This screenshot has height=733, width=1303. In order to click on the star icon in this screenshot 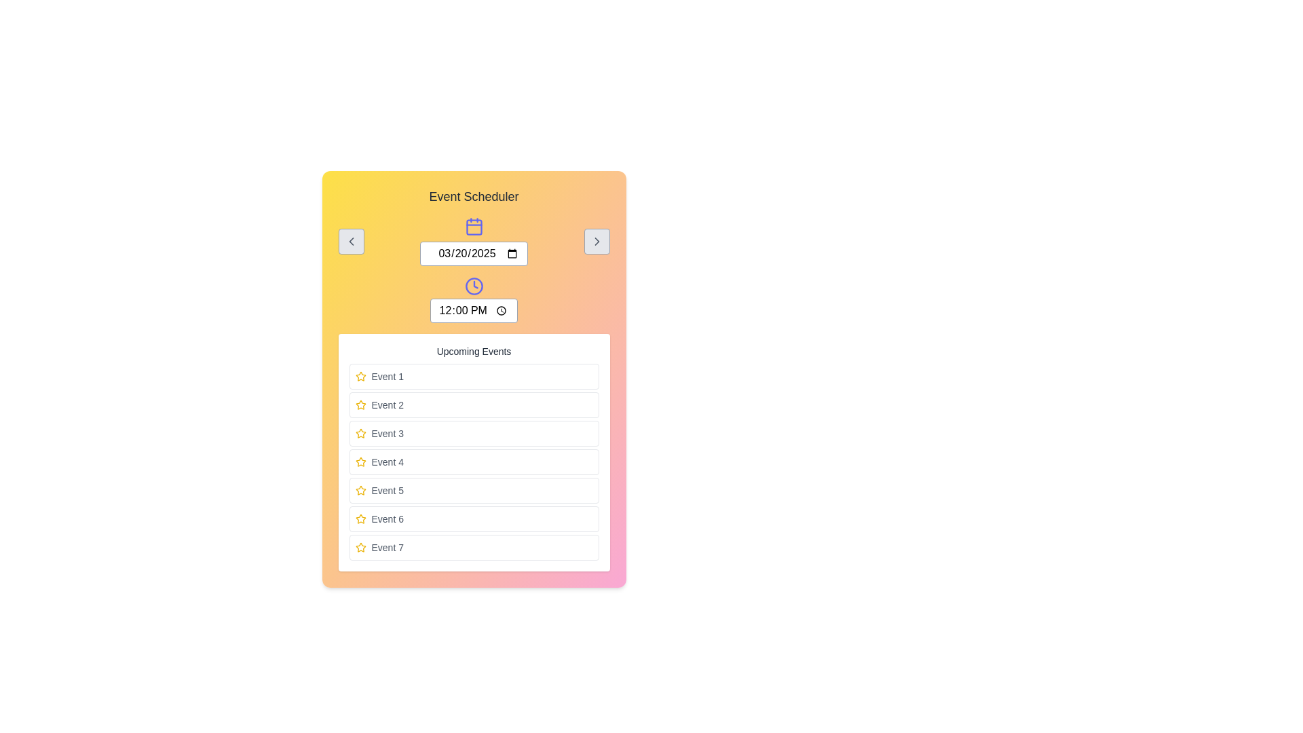, I will do `click(360, 461)`.